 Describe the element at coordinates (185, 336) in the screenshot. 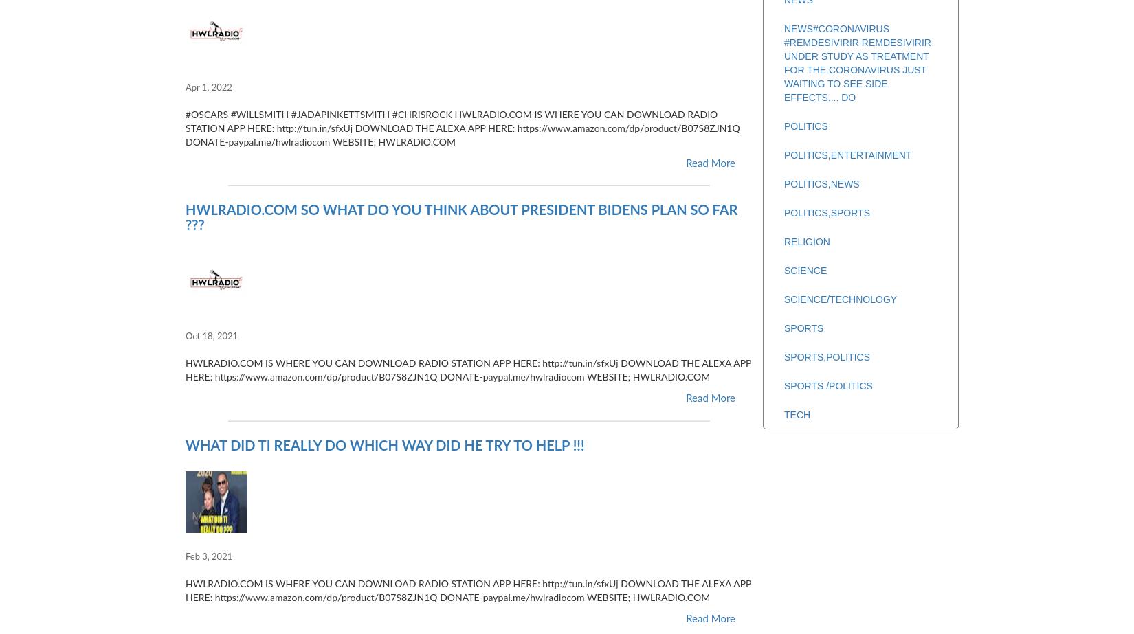

I see `'Oct 18, 2021'` at that location.